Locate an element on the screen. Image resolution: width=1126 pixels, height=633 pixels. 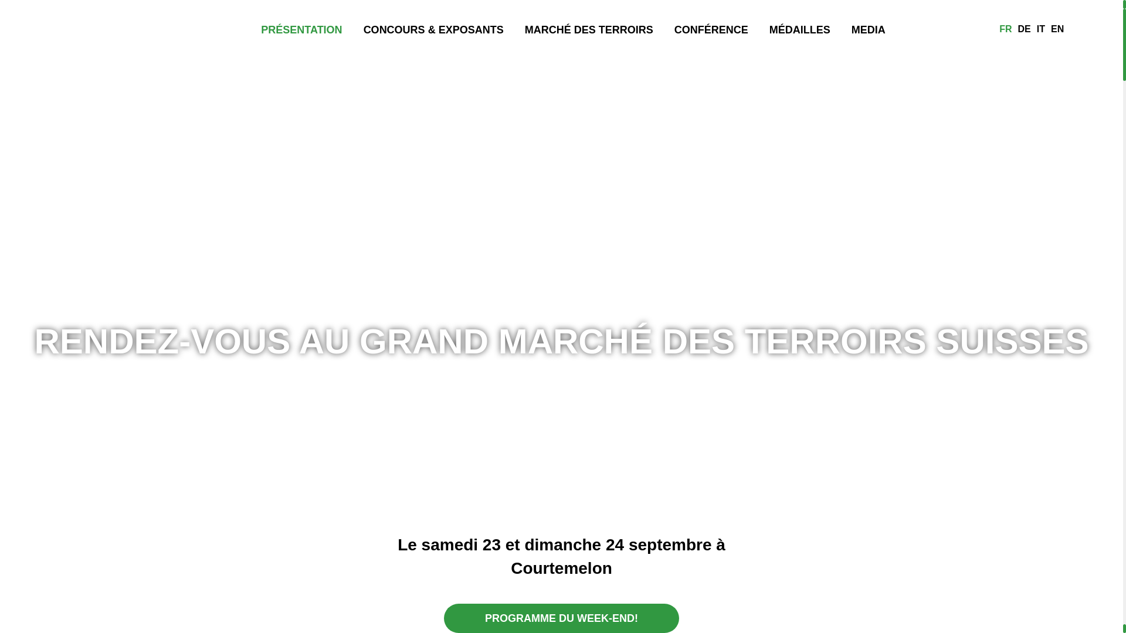
'CONCOURS & EXPOSANTS' is located at coordinates (433, 28).